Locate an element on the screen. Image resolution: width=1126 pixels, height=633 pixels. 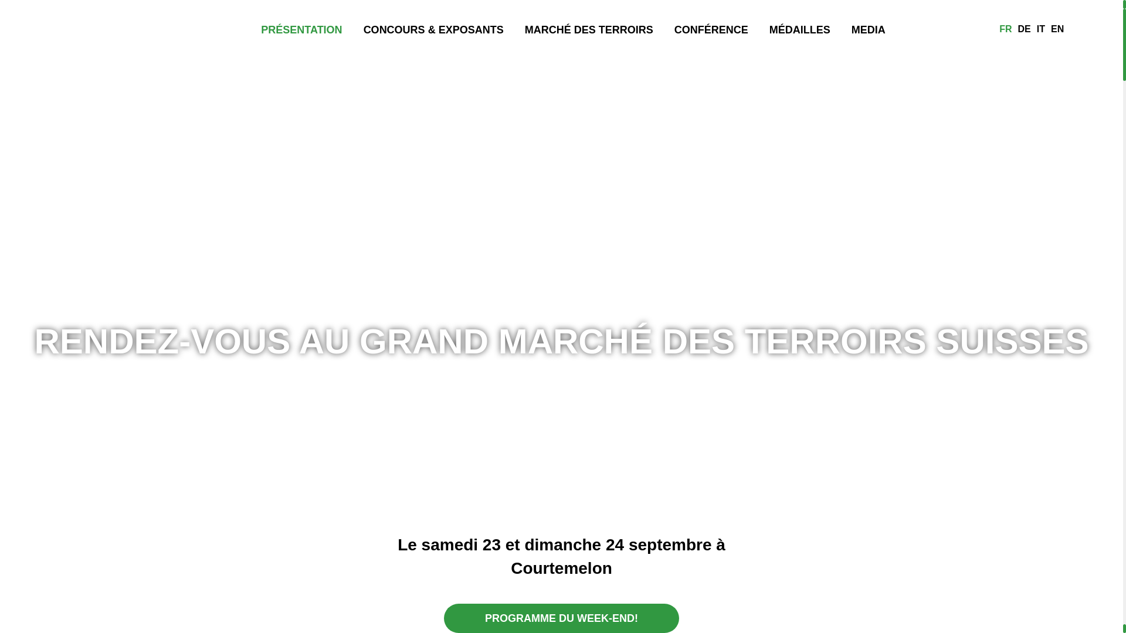
'CONCOURS & EXPOSANTS' is located at coordinates (433, 28).